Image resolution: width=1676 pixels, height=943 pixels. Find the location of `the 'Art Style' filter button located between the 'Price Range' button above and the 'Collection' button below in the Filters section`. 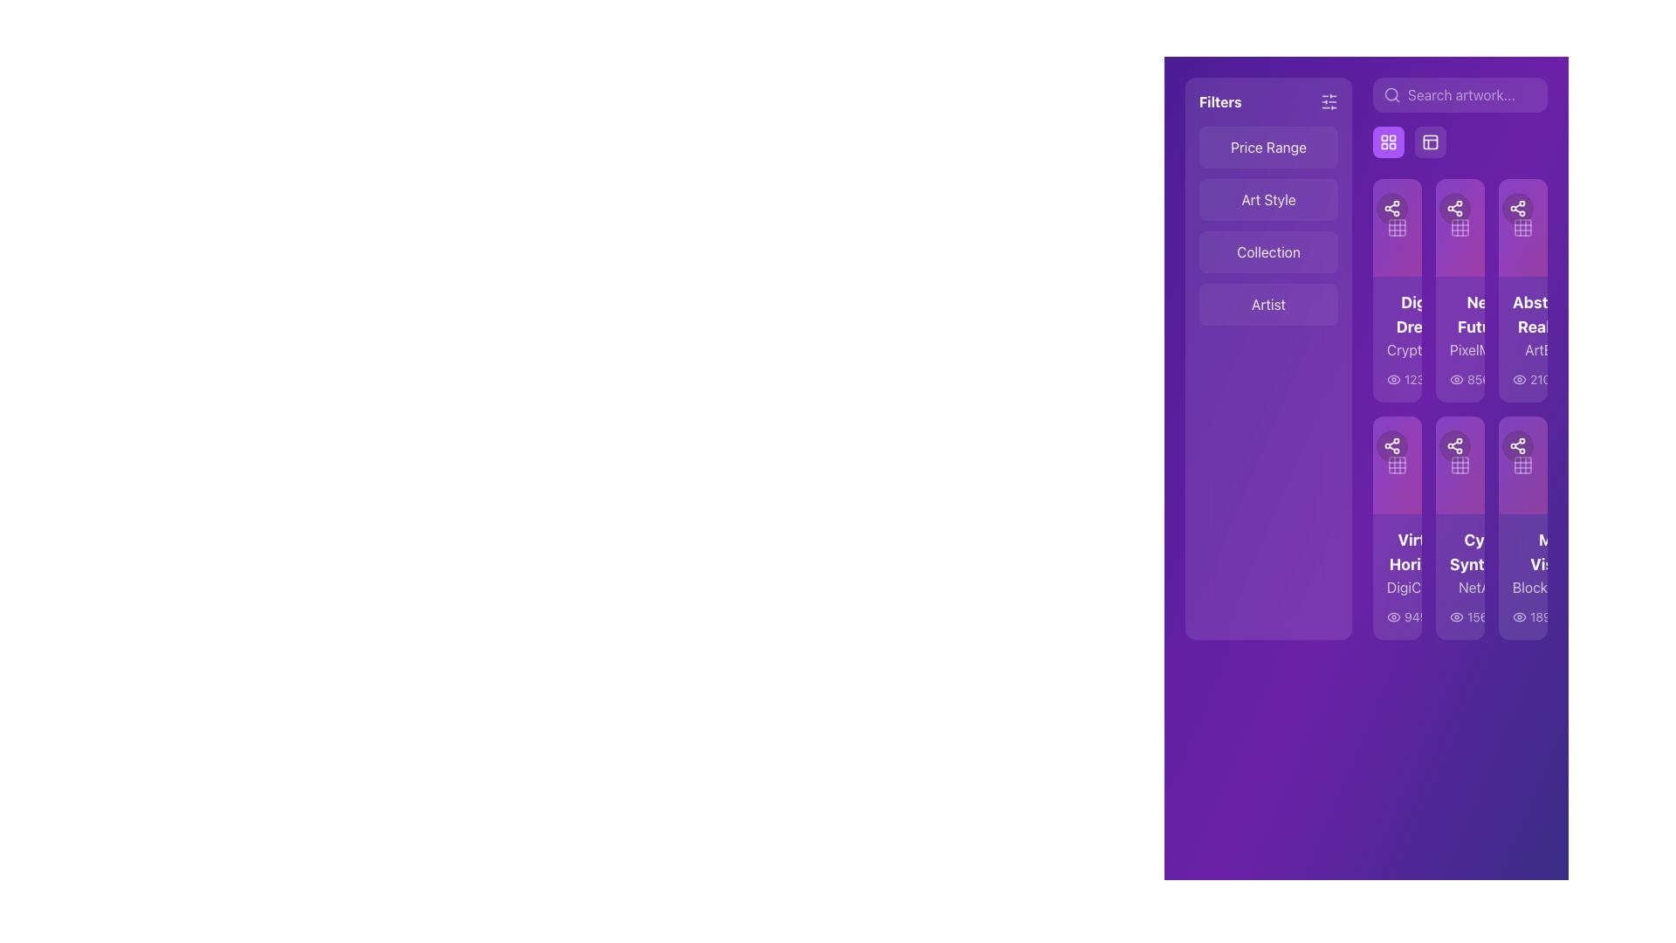

the 'Art Style' filter button located between the 'Price Range' button above and the 'Collection' button below in the Filters section is located at coordinates (1268, 198).